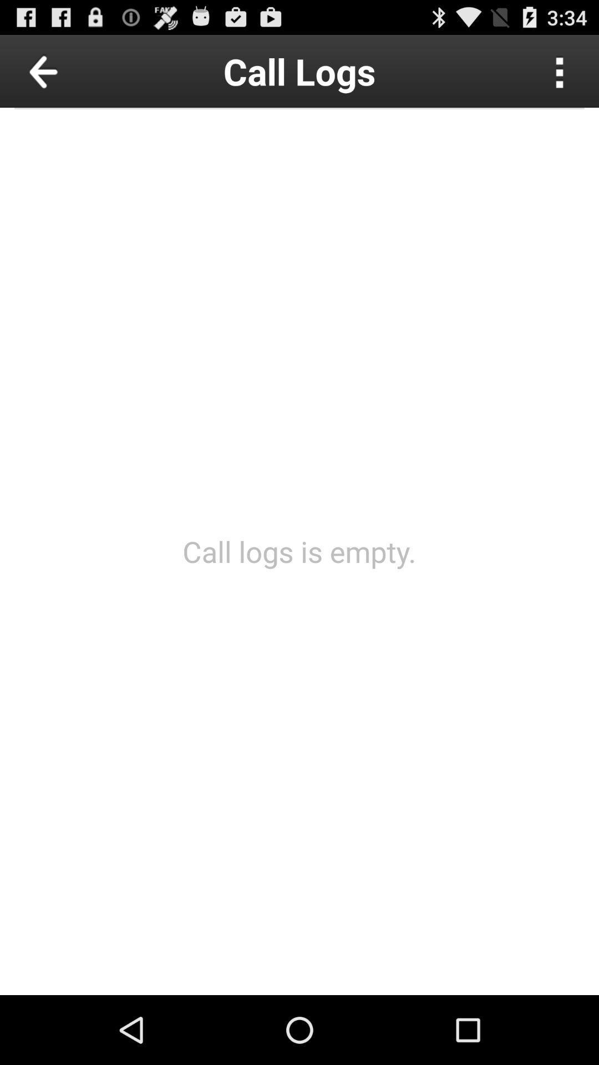 This screenshot has height=1065, width=599. I want to click on the more icon, so click(560, 75).